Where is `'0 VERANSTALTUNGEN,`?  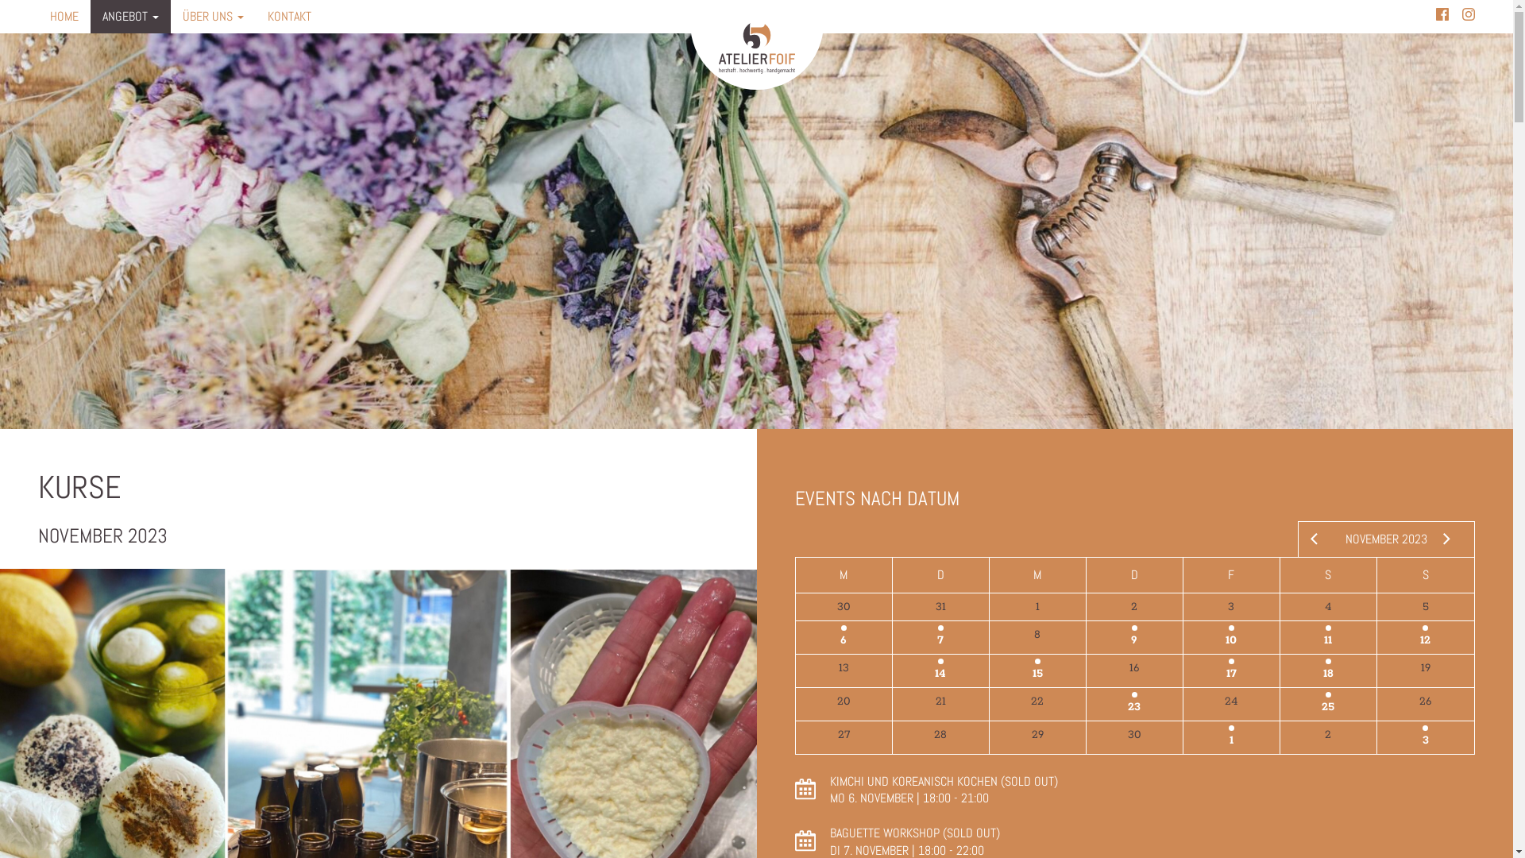
'0 VERANSTALTUNGEN, is located at coordinates (1376, 671).